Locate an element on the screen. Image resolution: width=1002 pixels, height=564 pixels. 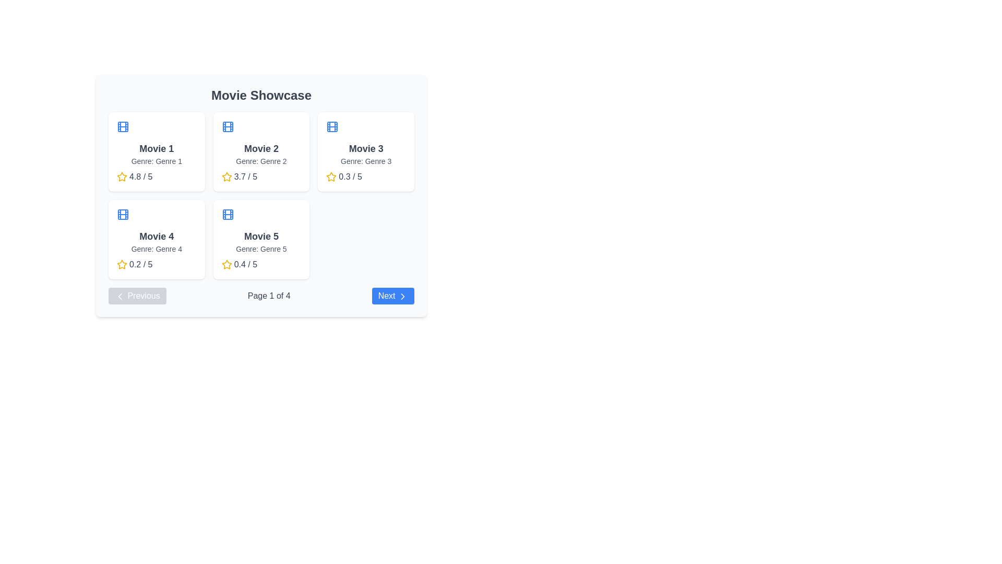
the star-shaped static icon with a yellow outline, which represents the rating for 'Movie 5' in the second row, second column of the grid layout, located directly to the left of the rating text '0.4 / 5' is located at coordinates (226, 264).